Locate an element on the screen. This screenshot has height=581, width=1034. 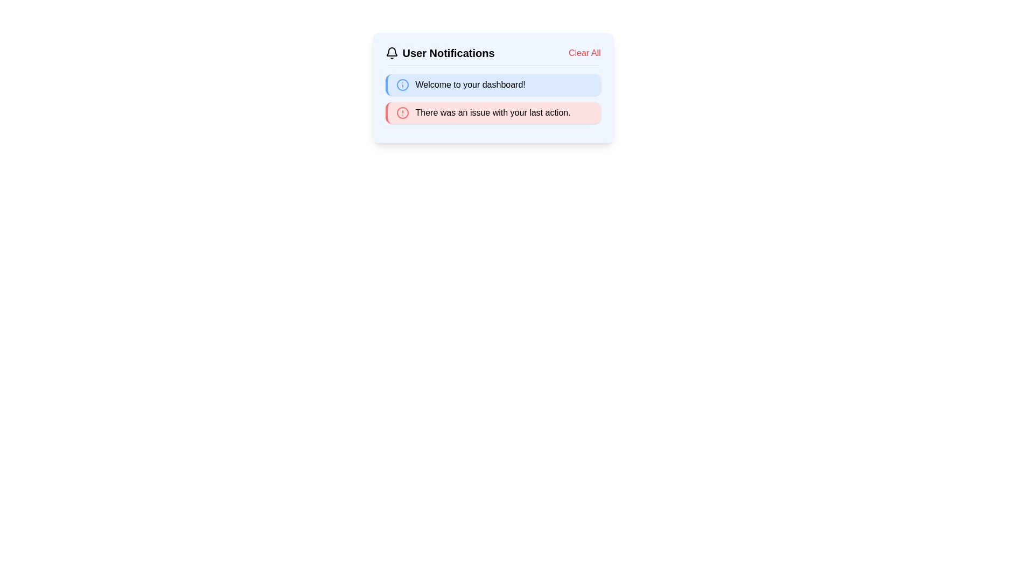
the circular graphical component within the informational icon, which is part of a notification list item containing the text 'Welcome to your dashboard!', highlighted in blue is located at coordinates (402, 84).